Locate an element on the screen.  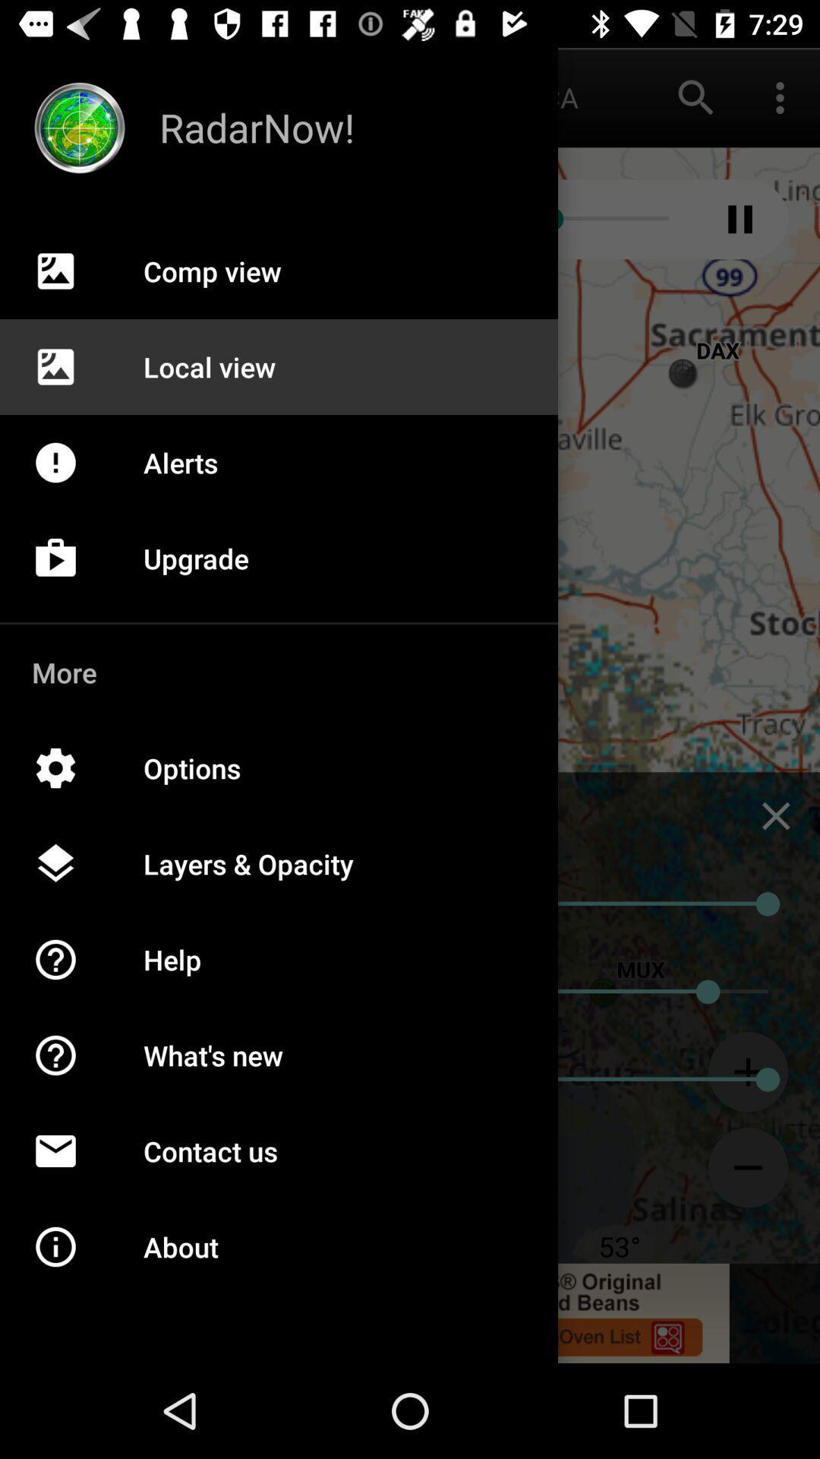
the minus icon is located at coordinates (747, 1166).